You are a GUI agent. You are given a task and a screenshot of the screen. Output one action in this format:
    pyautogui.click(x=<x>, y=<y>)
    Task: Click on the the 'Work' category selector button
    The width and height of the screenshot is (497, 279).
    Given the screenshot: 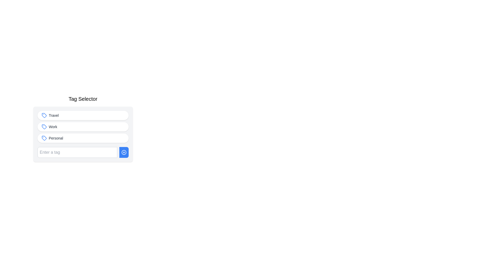 What is the action you would take?
    pyautogui.click(x=83, y=127)
    